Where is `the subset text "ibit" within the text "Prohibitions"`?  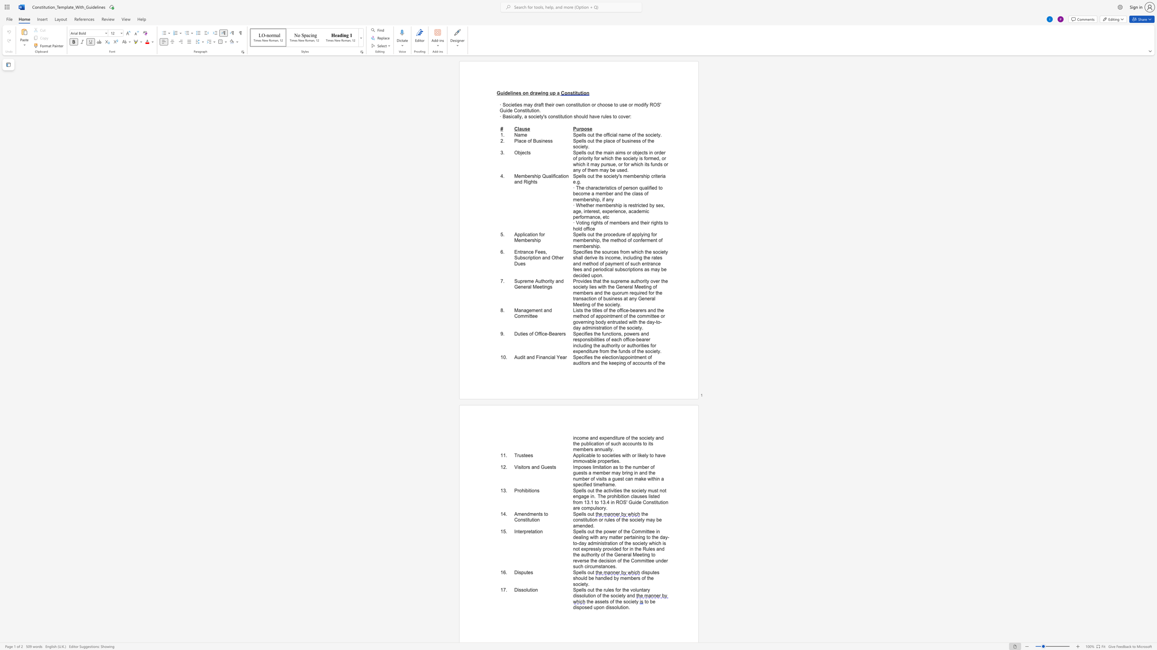
the subset text "ibit" within the text "Prohibitions" is located at coordinates (524, 490).